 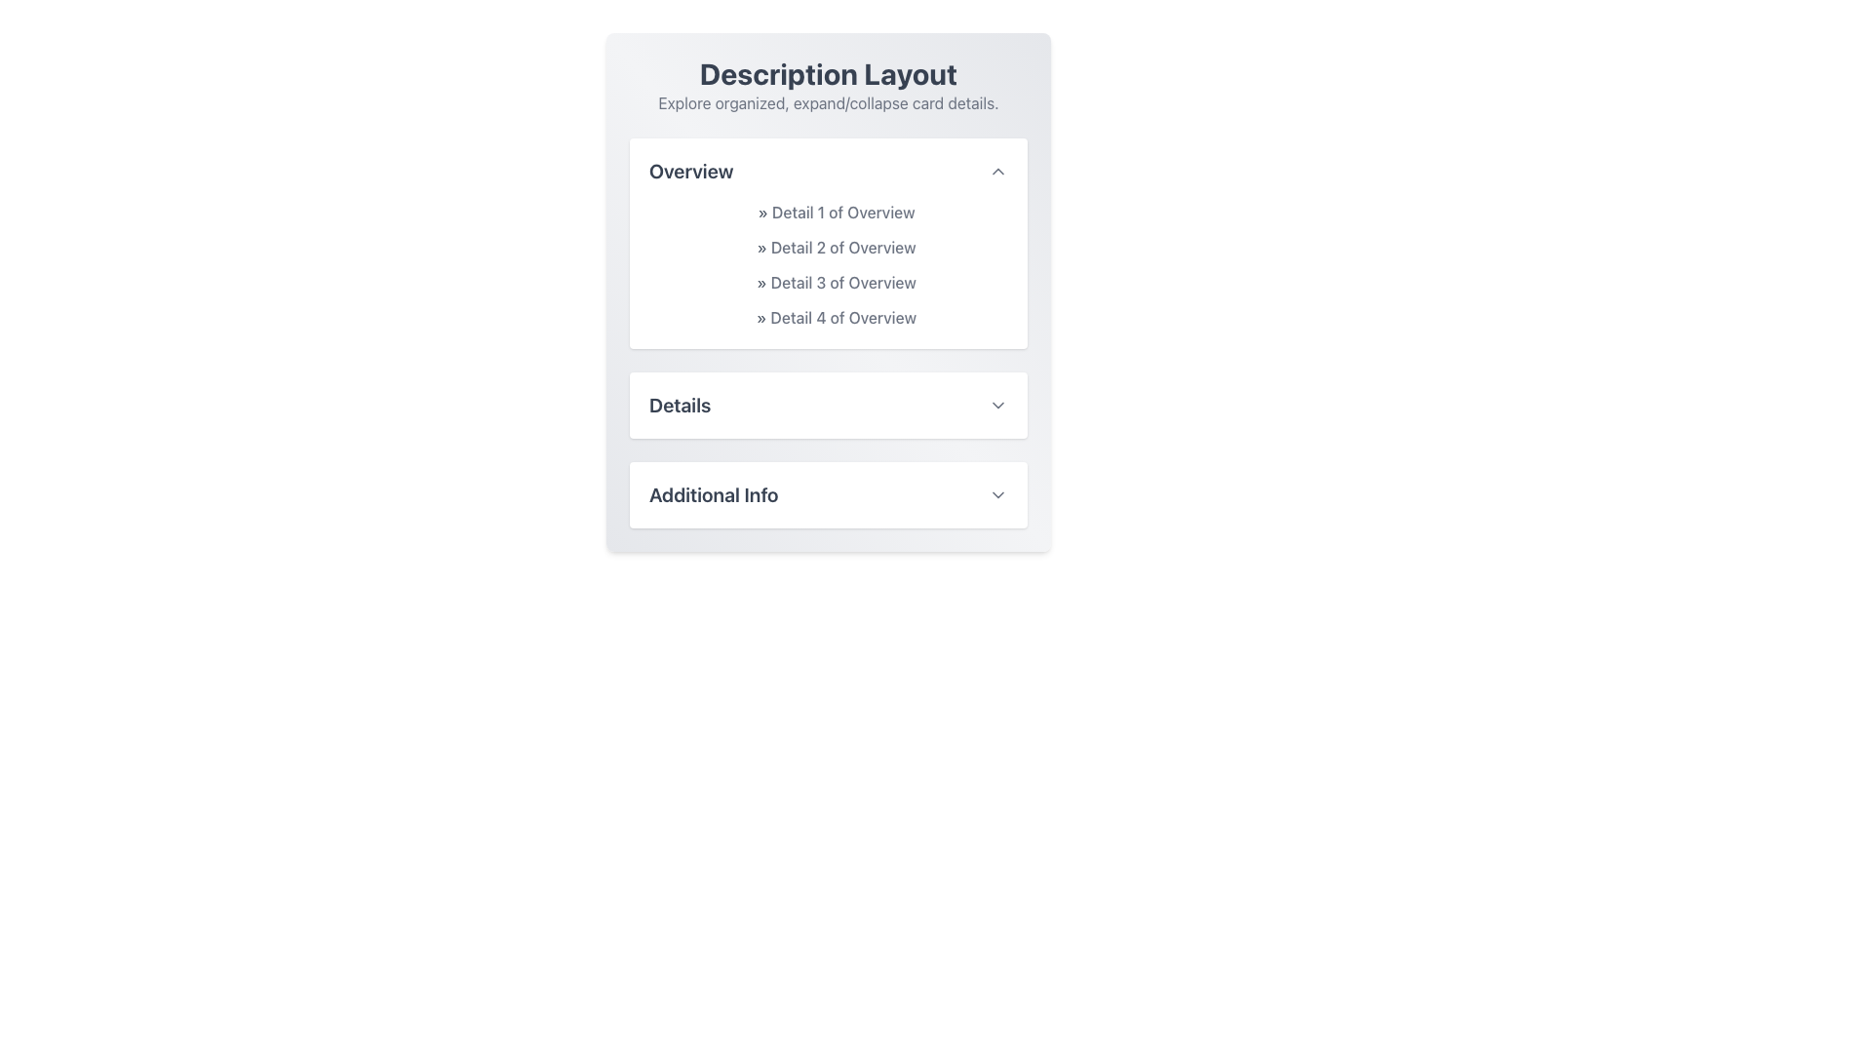 I want to click on the textual indicator preceding 'Detail 2 of Overview' in the 'Overview' section, which visually indicates the hierarchical relationship of the list item, so click(x=762, y=247).